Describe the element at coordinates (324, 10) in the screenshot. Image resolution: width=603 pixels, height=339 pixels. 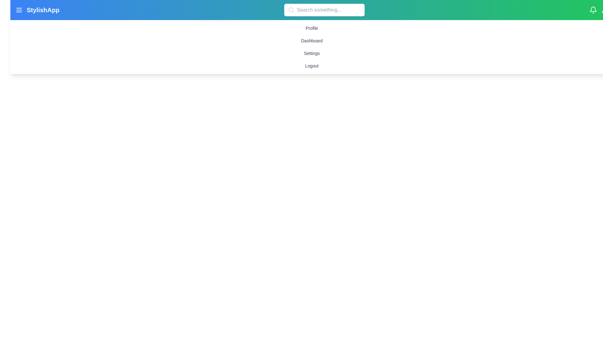
I see `the search input field located in the navigation bar, which has a placeholder text 'Search something...' and a magnifying glass icon on the left` at that location.